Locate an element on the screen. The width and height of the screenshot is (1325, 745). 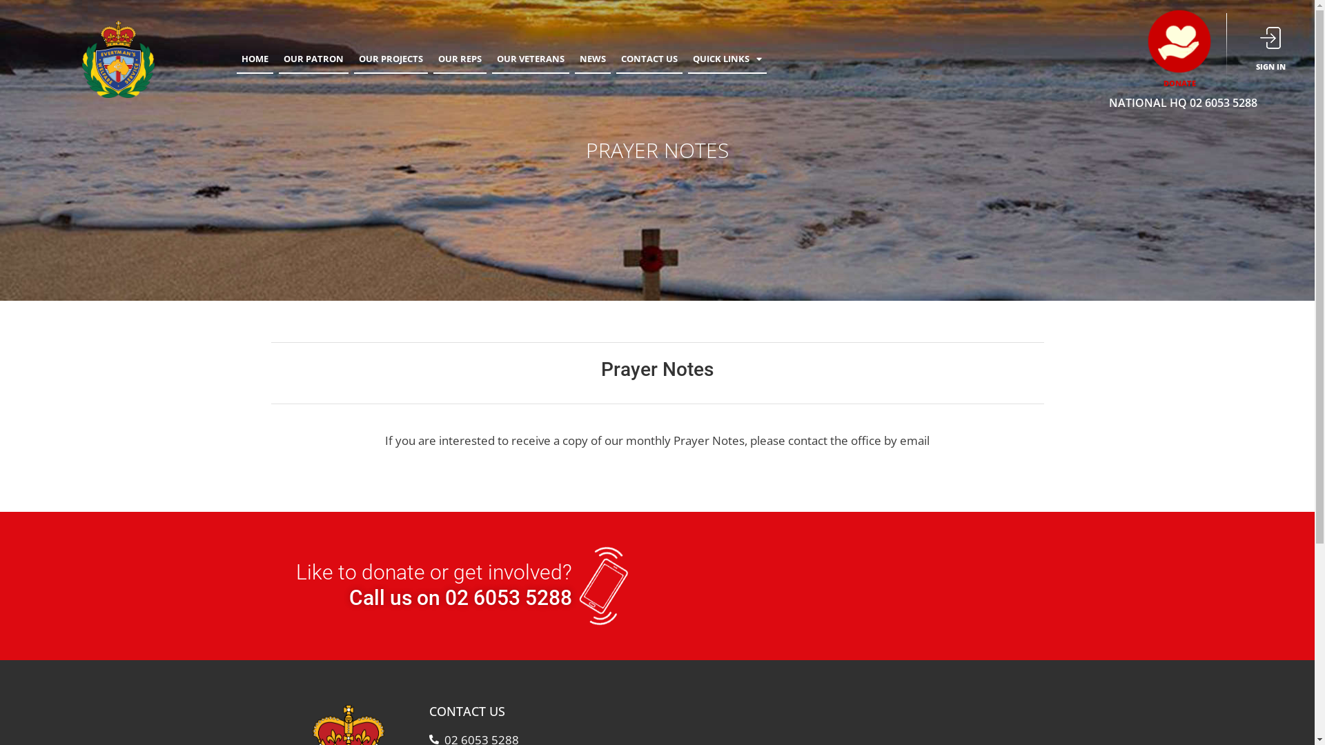
'QUICK LINKS' is located at coordinates (727, 58).